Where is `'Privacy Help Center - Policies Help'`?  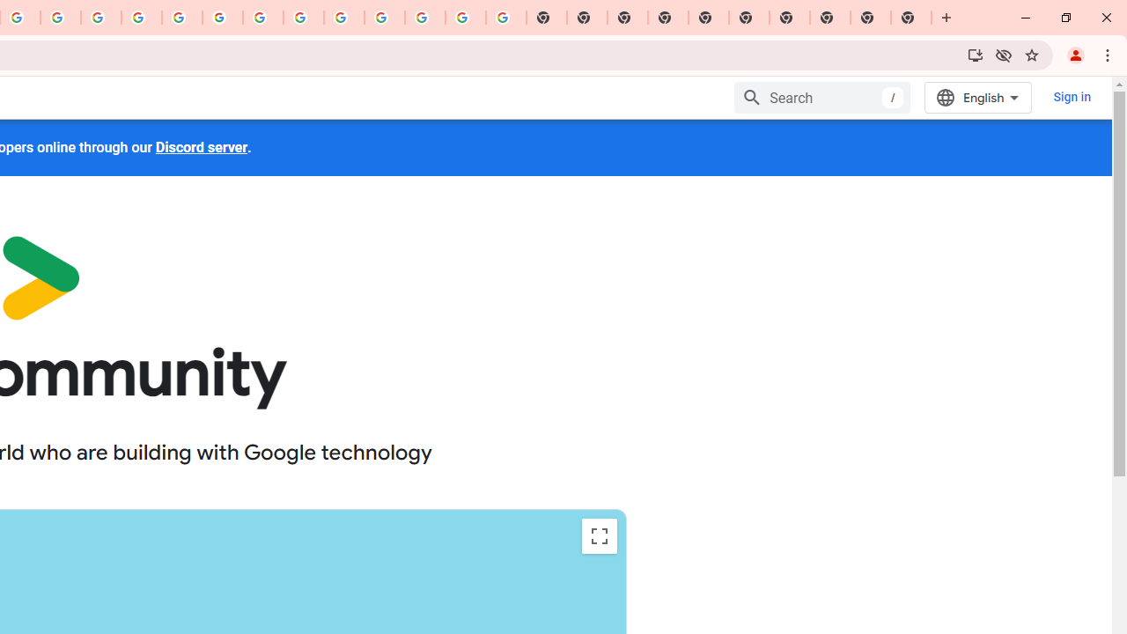 'Privacy Help Center - Policies Help' is located at coordinates (142, 18).